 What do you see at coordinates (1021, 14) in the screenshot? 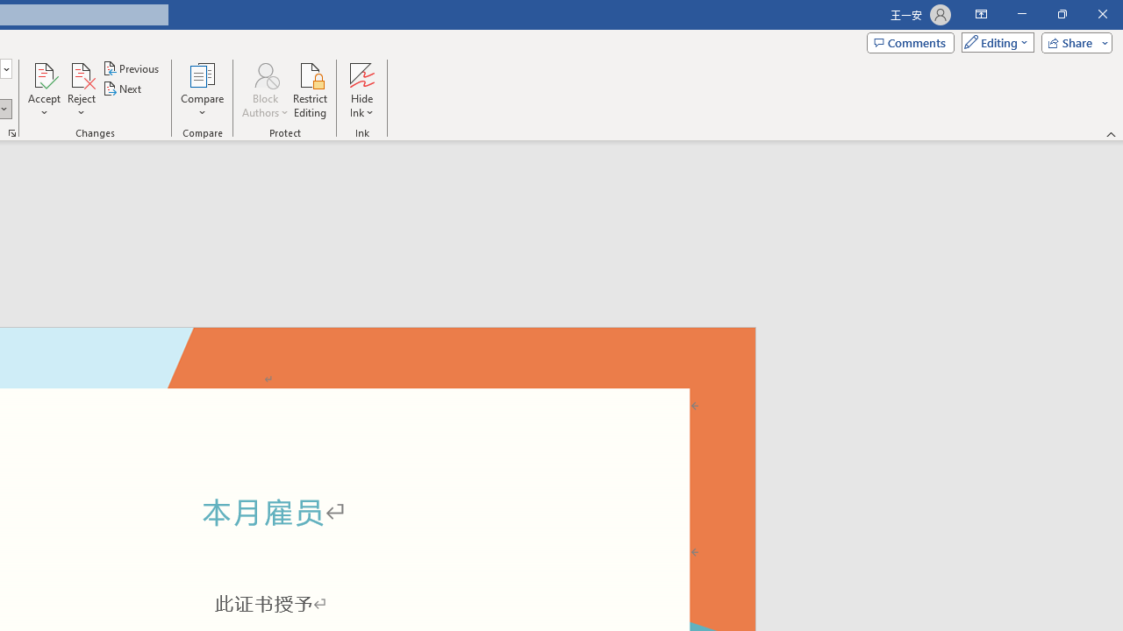
I see `'Minimize'` at bounding box center [1021, 14].